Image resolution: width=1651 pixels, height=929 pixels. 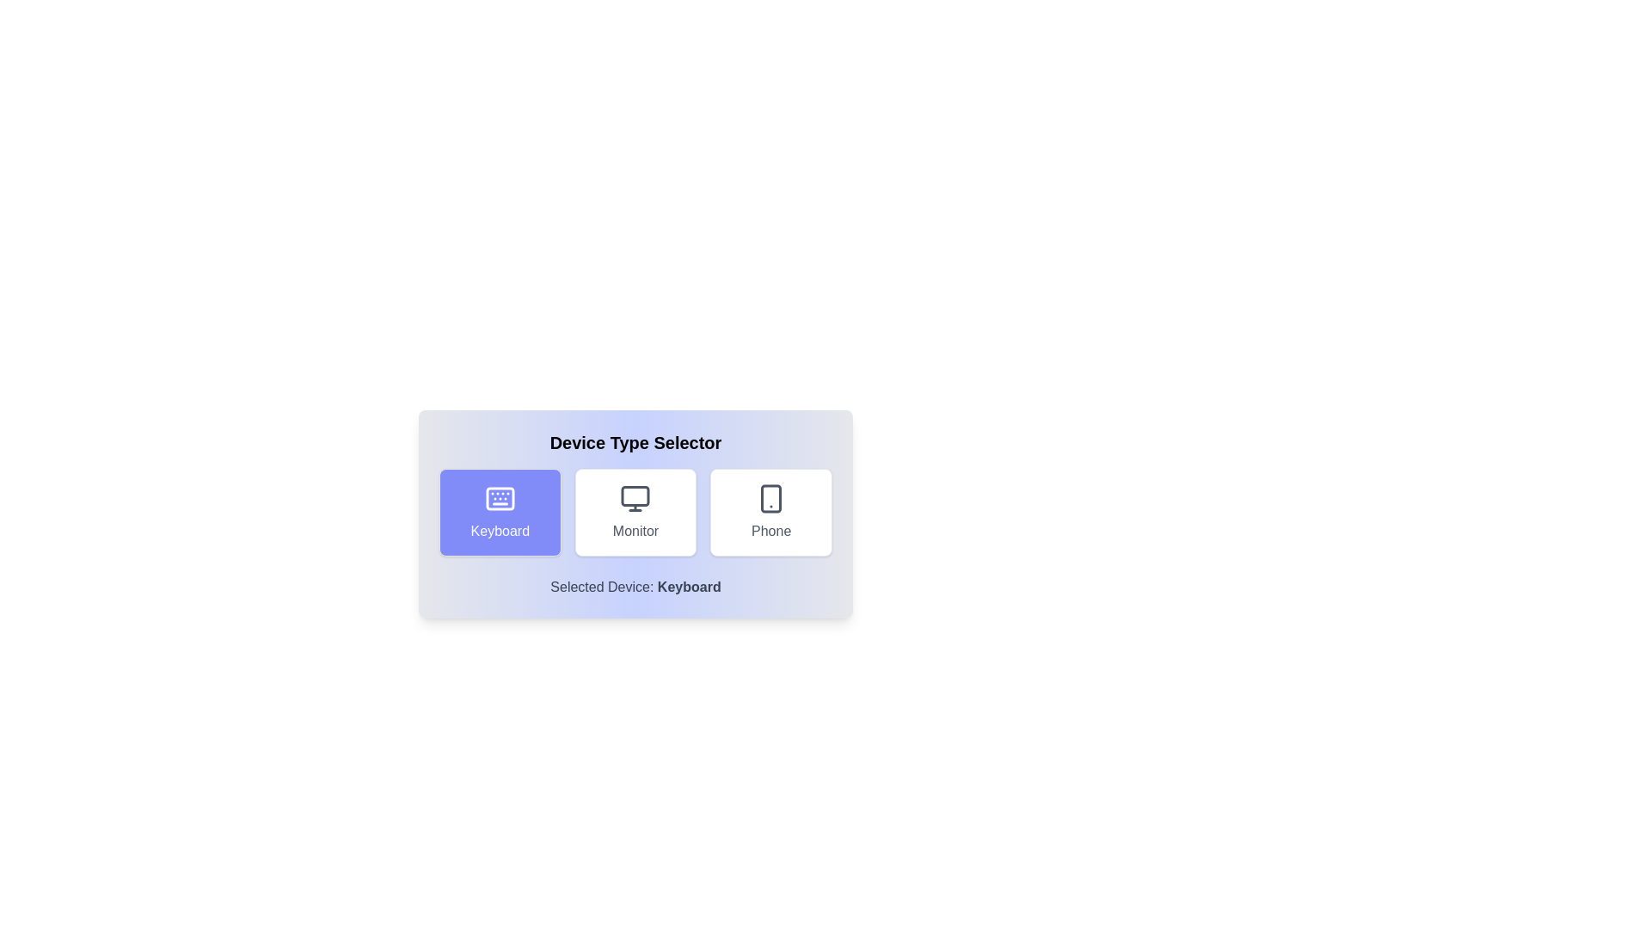 What do you see at coordinates (635, 586) in the screenshot?
I see `the text 'Selected Device: Keyboard' to copy it` at bounding box center [635, 586].